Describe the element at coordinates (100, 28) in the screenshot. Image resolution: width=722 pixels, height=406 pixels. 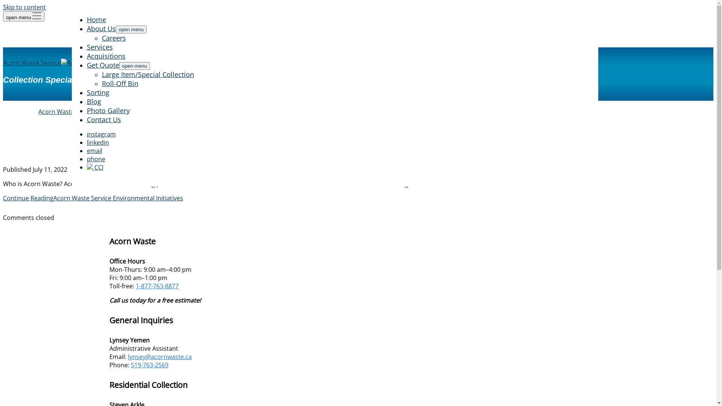
I see `'About Us'` at that location.